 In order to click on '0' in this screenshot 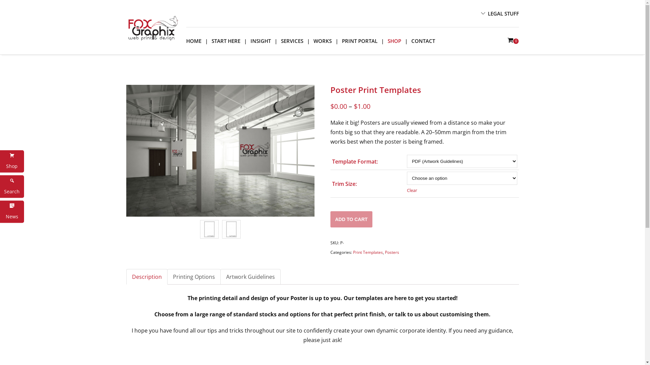, I will do `click(513, 41)`.